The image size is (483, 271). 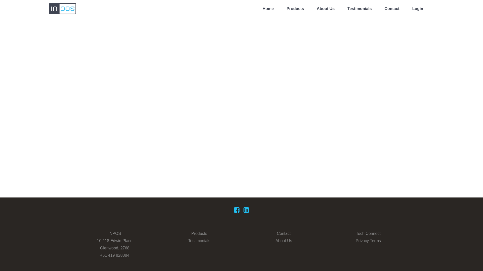 I want to click on 'Tech Connect', so click(x=368, y=233).